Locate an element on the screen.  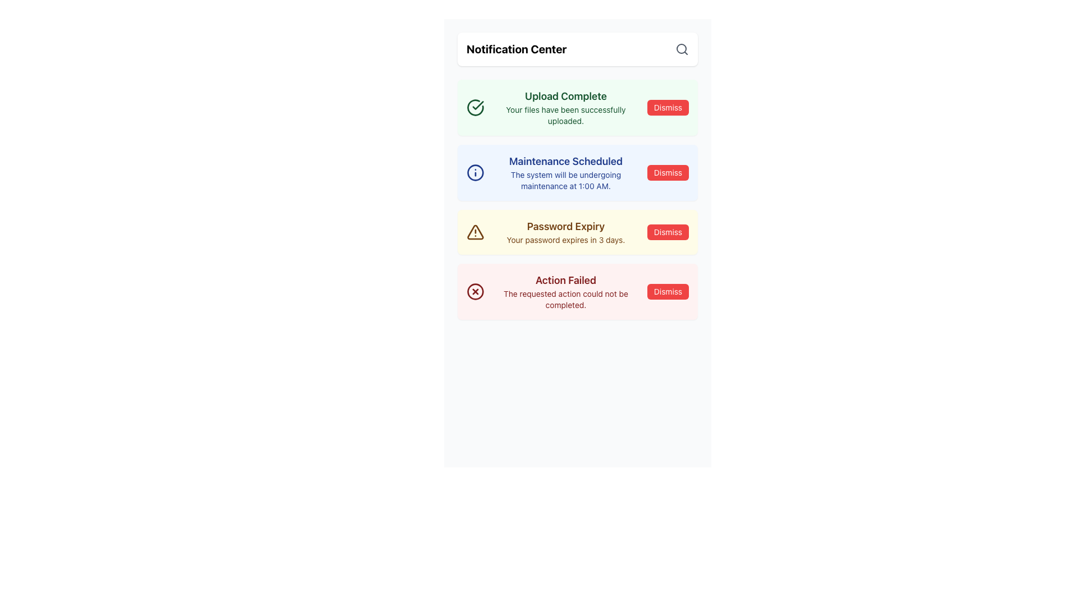
the error status icon that visually indicates an error or failure, positioned inside the notification box aligned with the 'Action Failed' text and the Dismiss button is located at coordinates (475, 291).